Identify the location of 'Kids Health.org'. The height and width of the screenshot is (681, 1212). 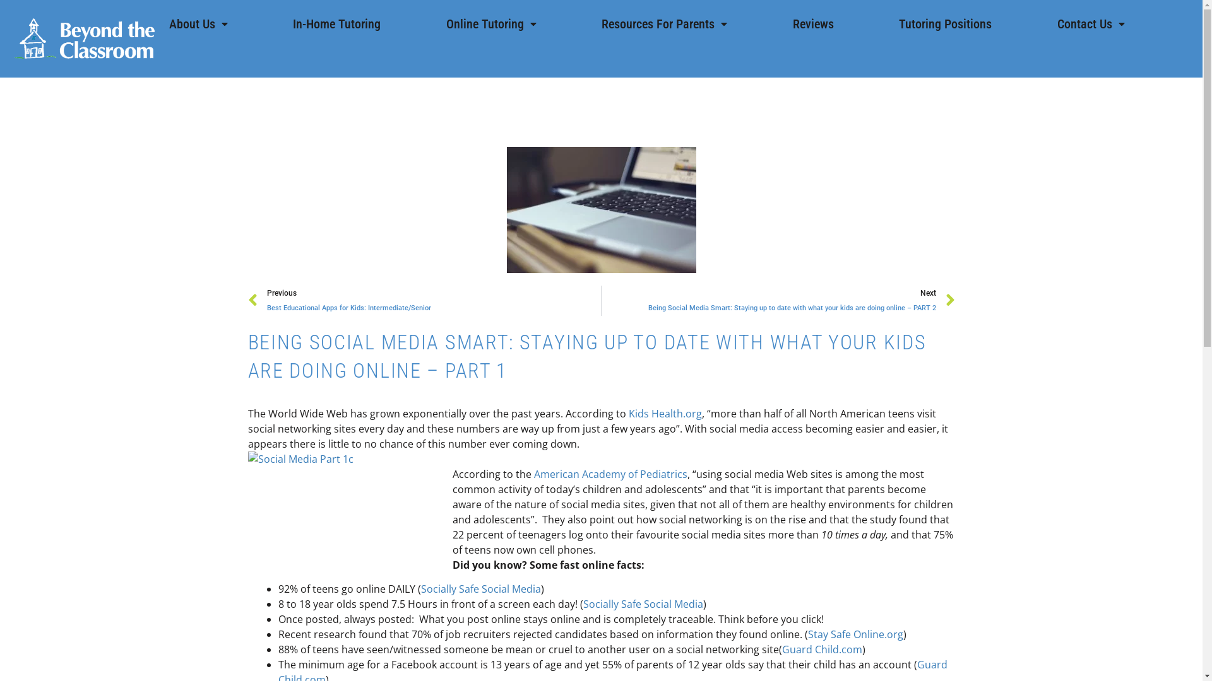
(665, 413).